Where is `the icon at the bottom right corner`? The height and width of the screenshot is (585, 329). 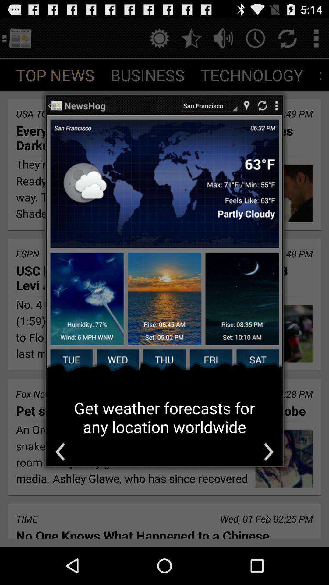 the icon at the bottom right corner is located at coordinates (268, 452).